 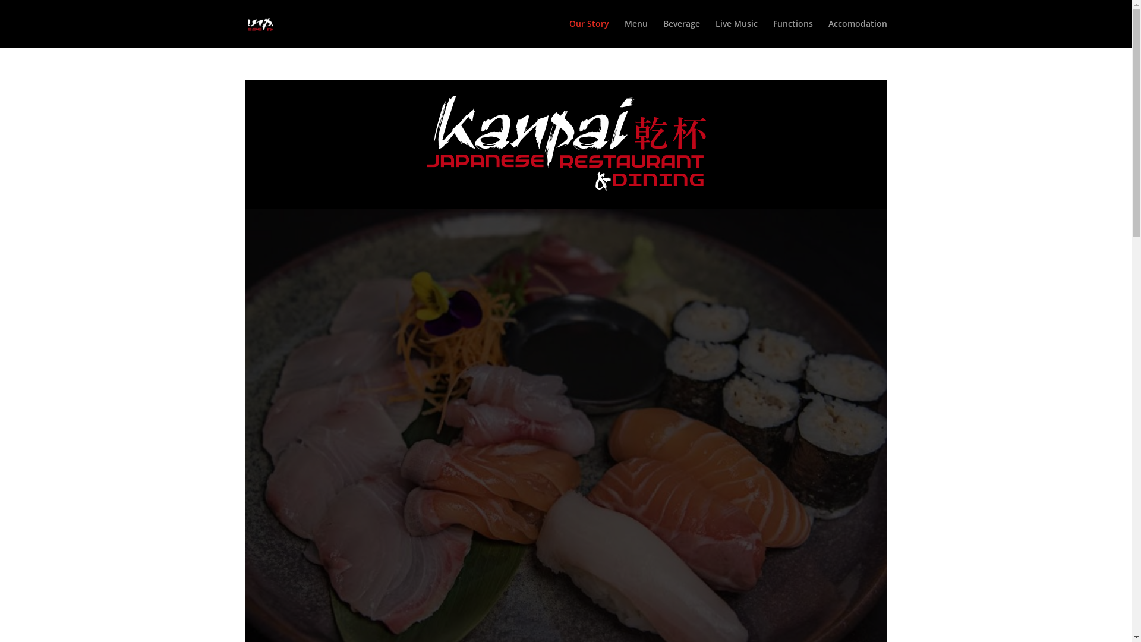 What do you see at coordinates (858, 33) in the screenshot?
I see `'Accomodation'` at bounding box center [858, 33].